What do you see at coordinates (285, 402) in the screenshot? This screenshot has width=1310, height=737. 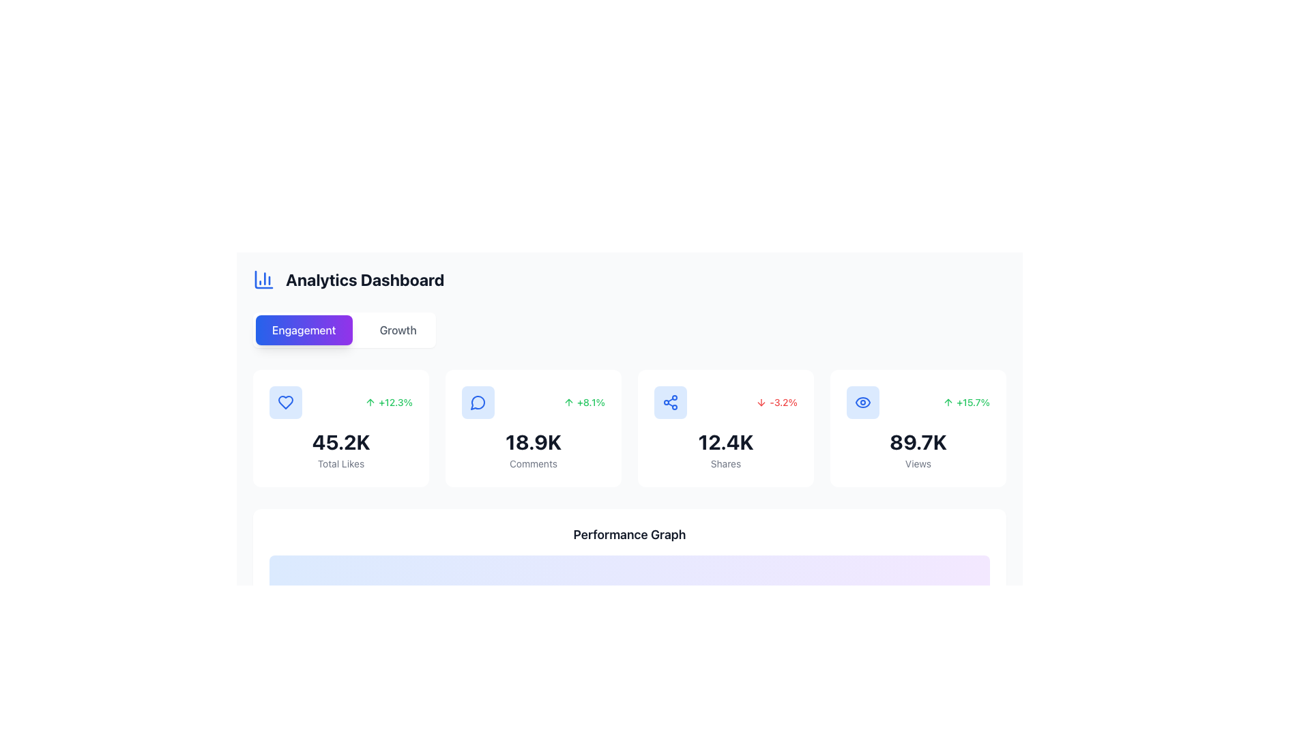 I see `the 'likes' icon representing the total number of likes (45.2K) in the dashboard interface to associate with the 'likes' metric` at bounding box center [285, 402].